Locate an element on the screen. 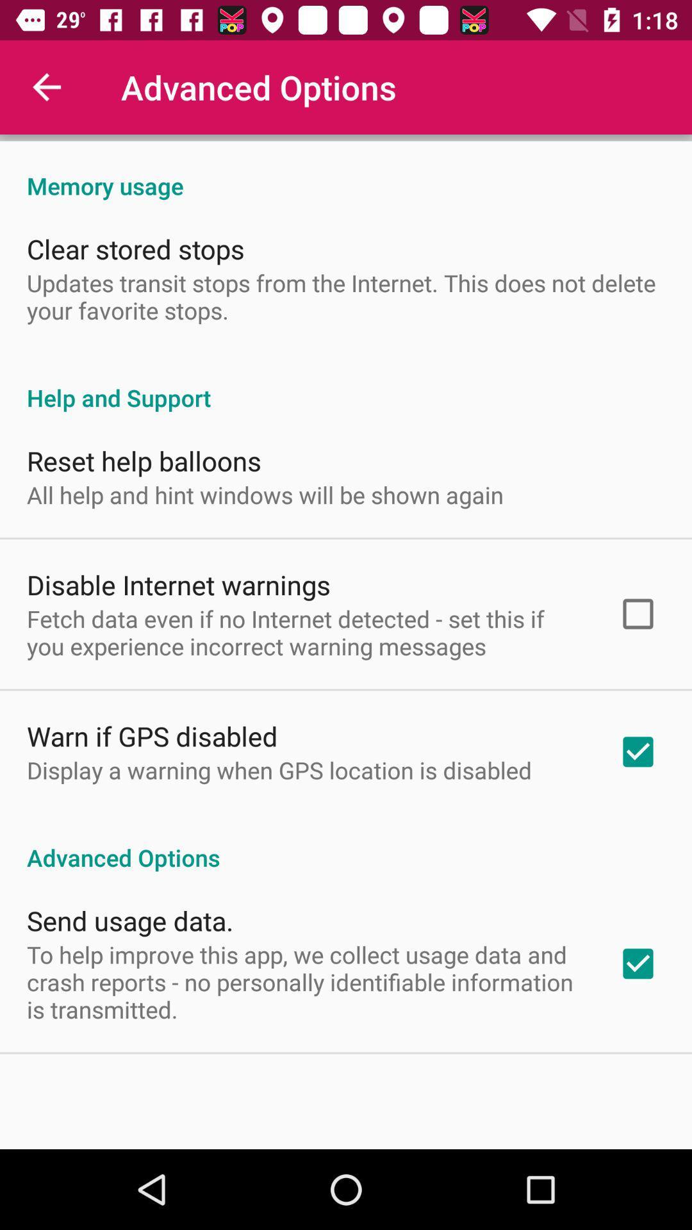 This screenshot has width=692, height=1230. item above clear stored stops is located at coordinates (346, 172).